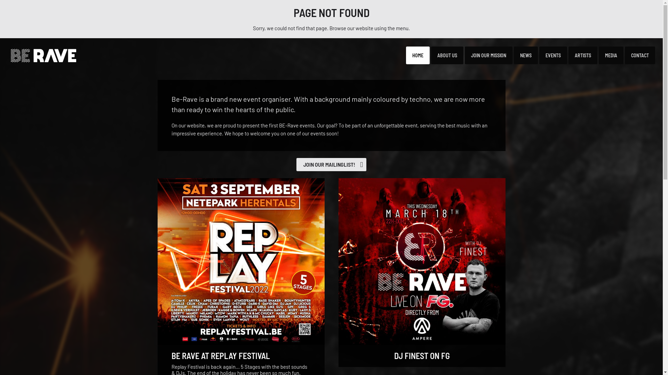 The image size is (668, 375). What do you see at coordinates (171, 356) in the screenshot?
I see `'BE RAVE AT REPLAY FESTIVAL'` at bounding box center [171, 356].